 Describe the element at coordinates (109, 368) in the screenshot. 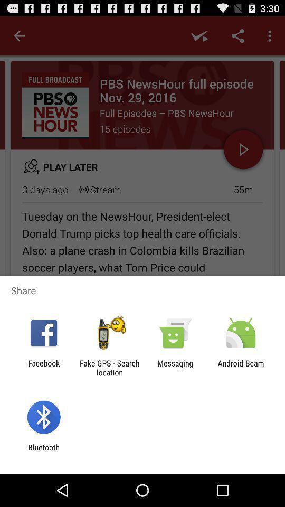

I see `the item next to the messaging app` at that location.